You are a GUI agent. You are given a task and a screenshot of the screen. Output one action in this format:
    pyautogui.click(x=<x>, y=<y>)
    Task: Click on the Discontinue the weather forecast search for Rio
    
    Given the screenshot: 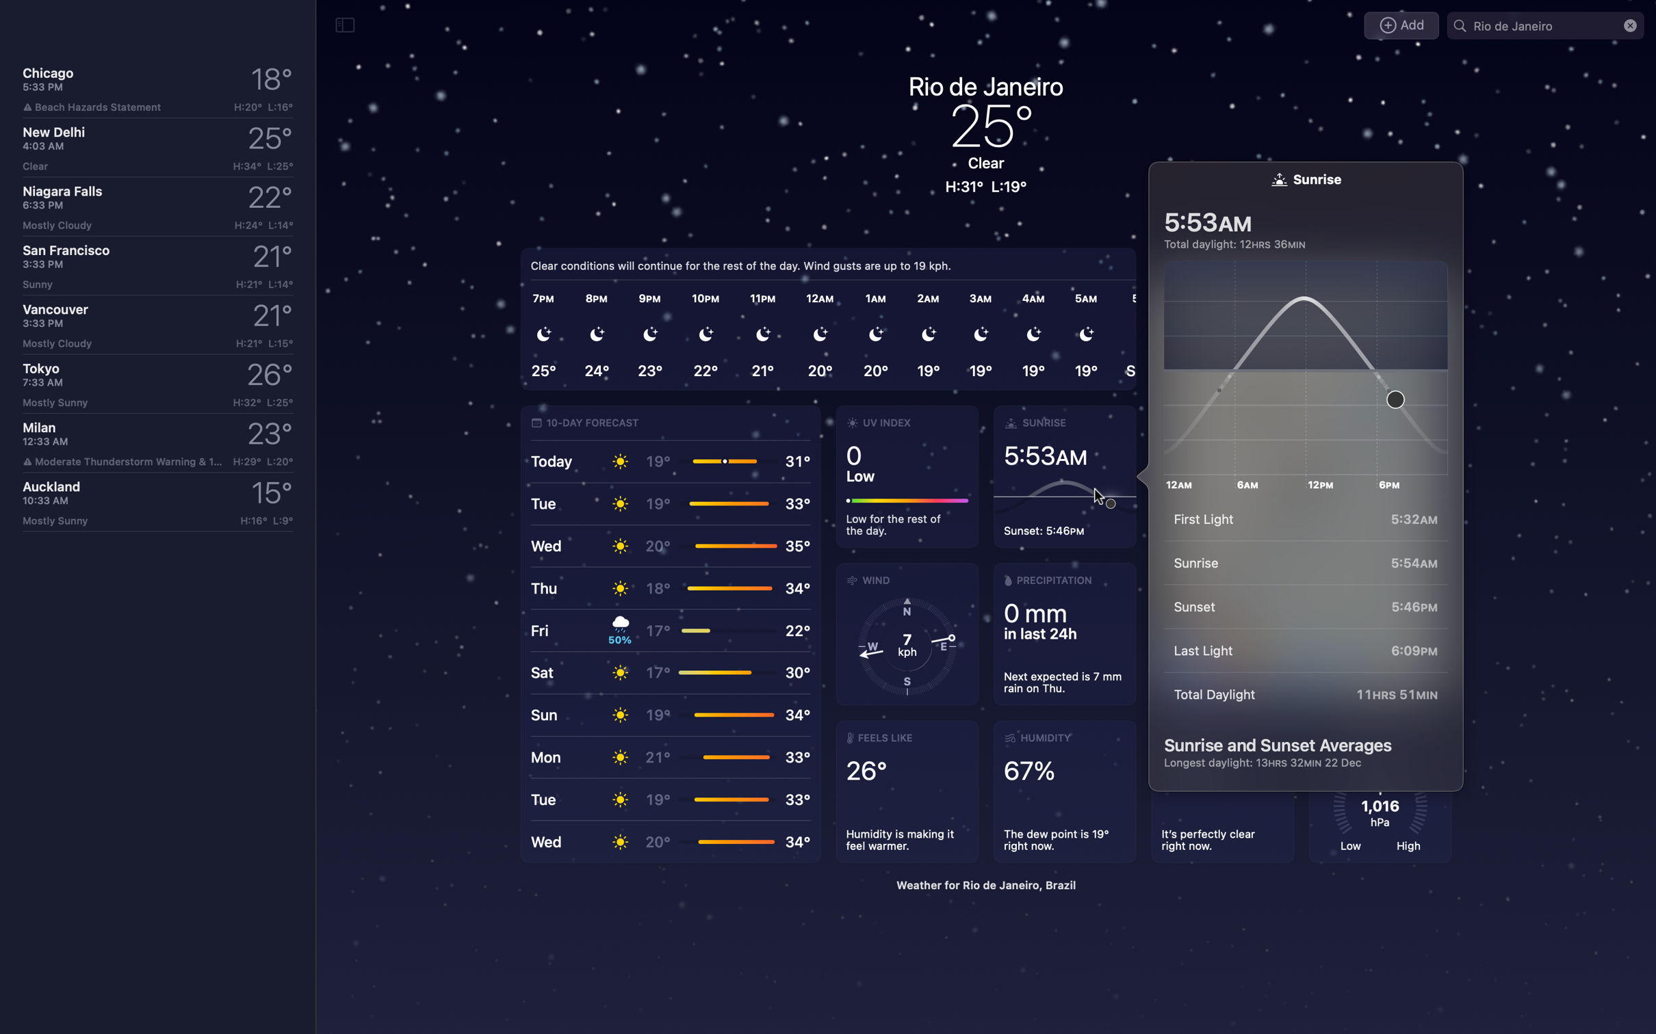 What is the action you would take?
    pyautogui.click(x=1629, y=25)
    